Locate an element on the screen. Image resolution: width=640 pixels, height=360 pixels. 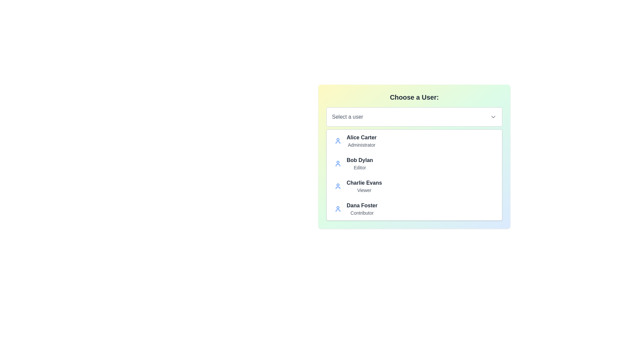
the static text label indicating the user's role as 'Editor' for the user 'Bob Dylan' in the dropdown list is located at coordinates (359, 167).